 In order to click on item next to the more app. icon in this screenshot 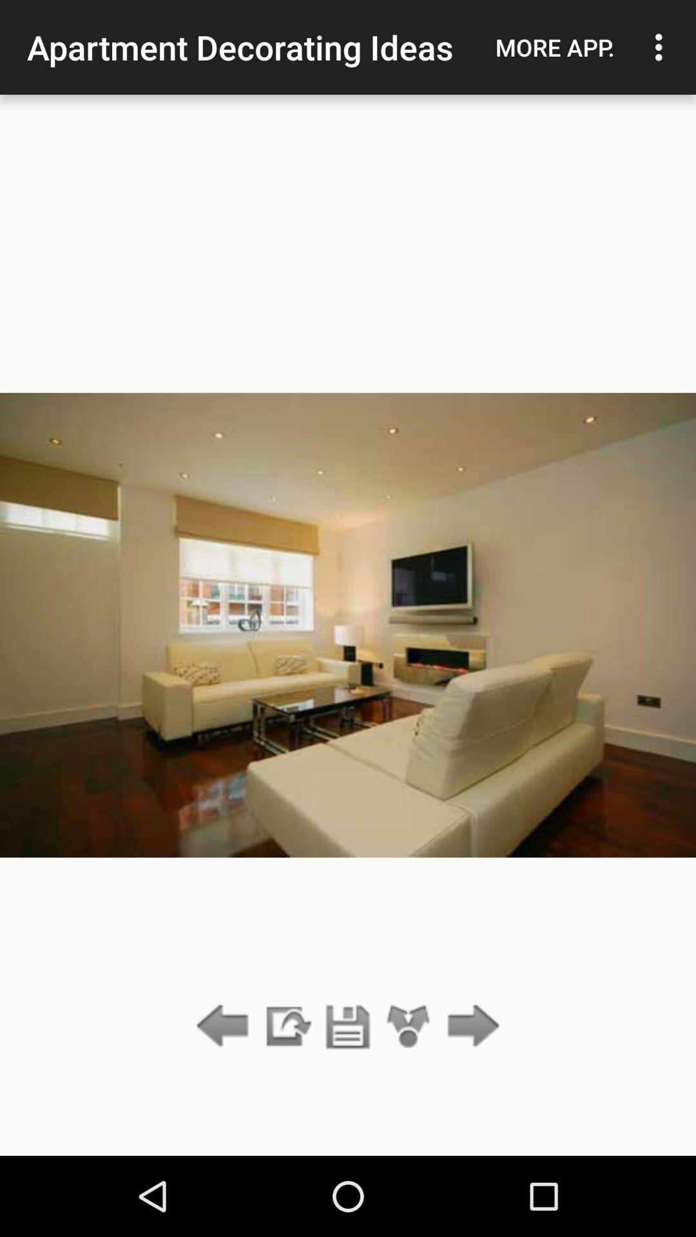, I will do `click(662, 47)`.